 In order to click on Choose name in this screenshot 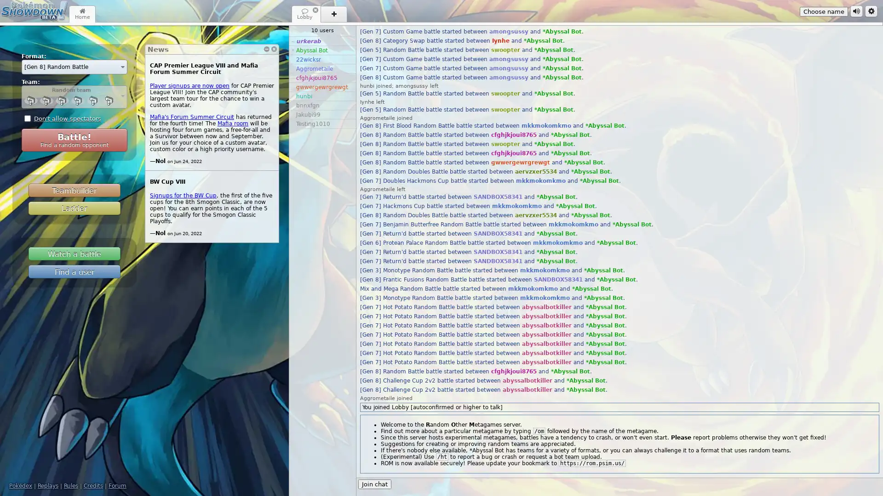, I will do `click(824, 11)`.